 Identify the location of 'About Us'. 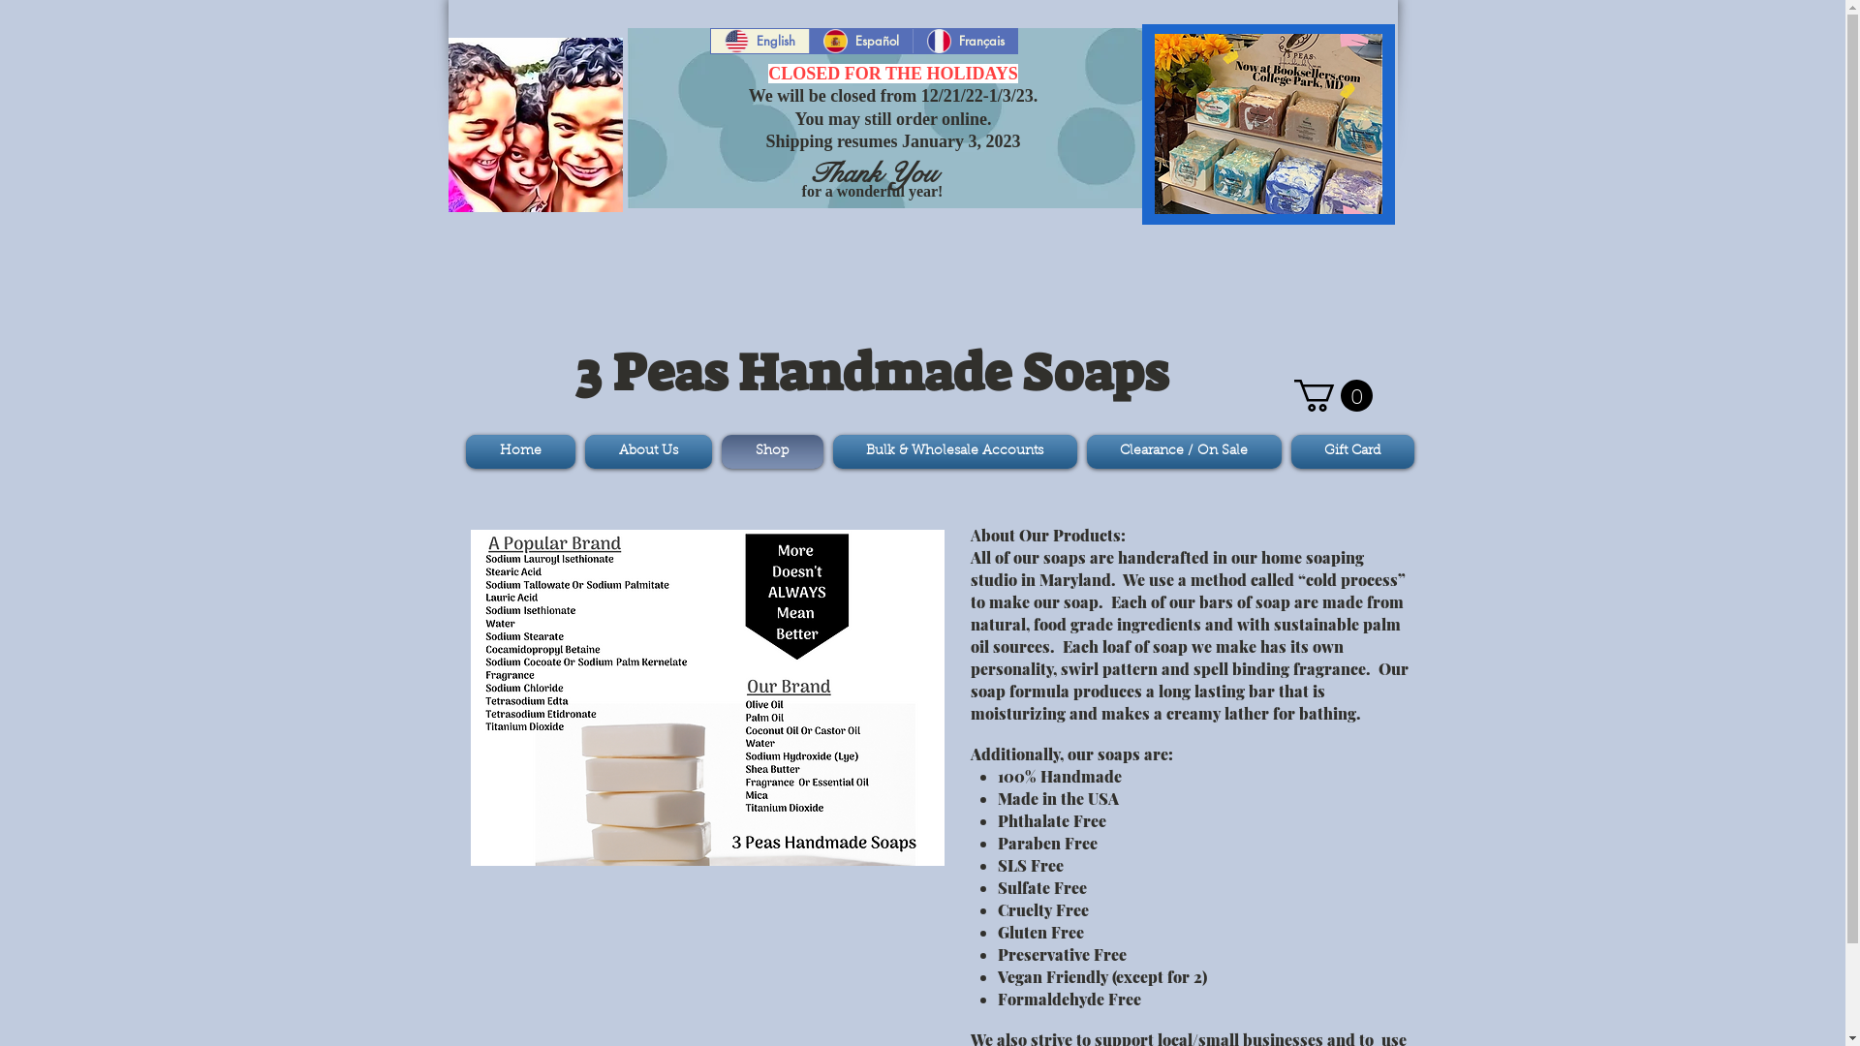
(578, 451).